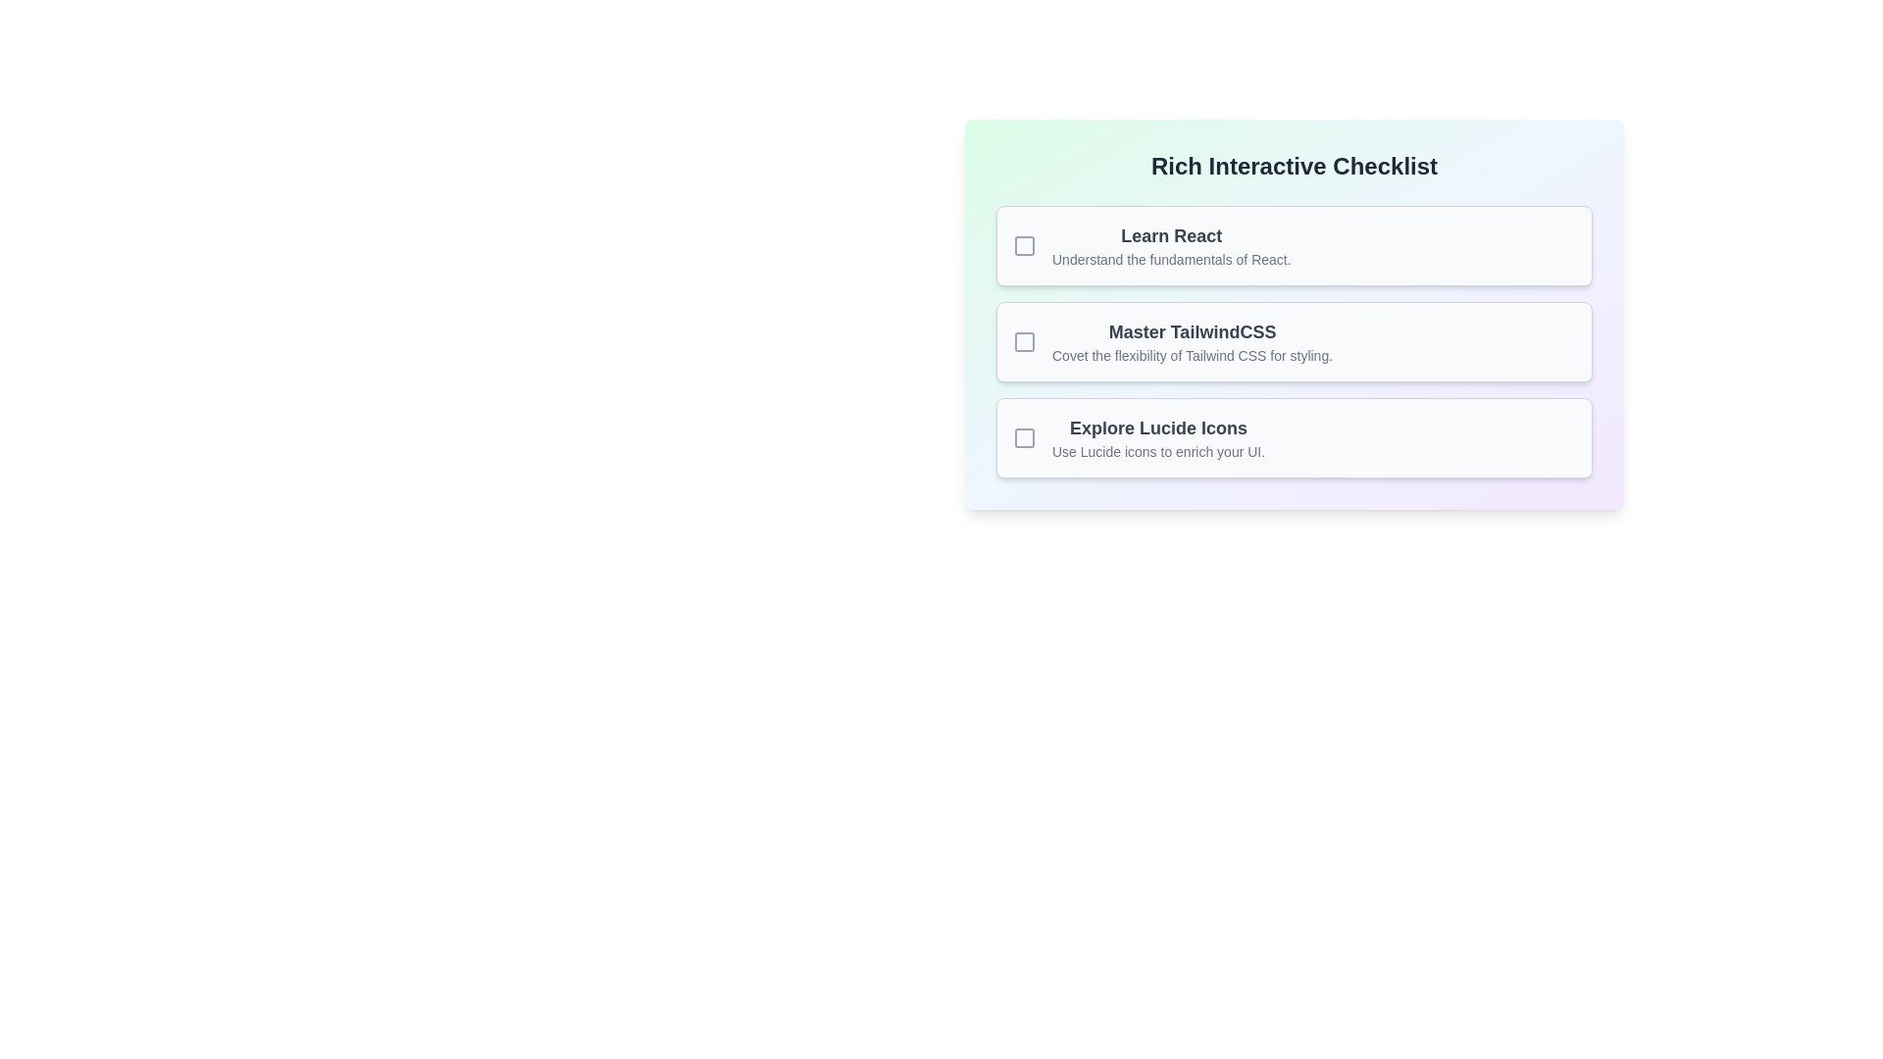  Describe the element at coordinates (1171, 234) in the screenshot. I see `the text label that serves as the title for the first checklist item, which indicates the main focus of the item` at that location.